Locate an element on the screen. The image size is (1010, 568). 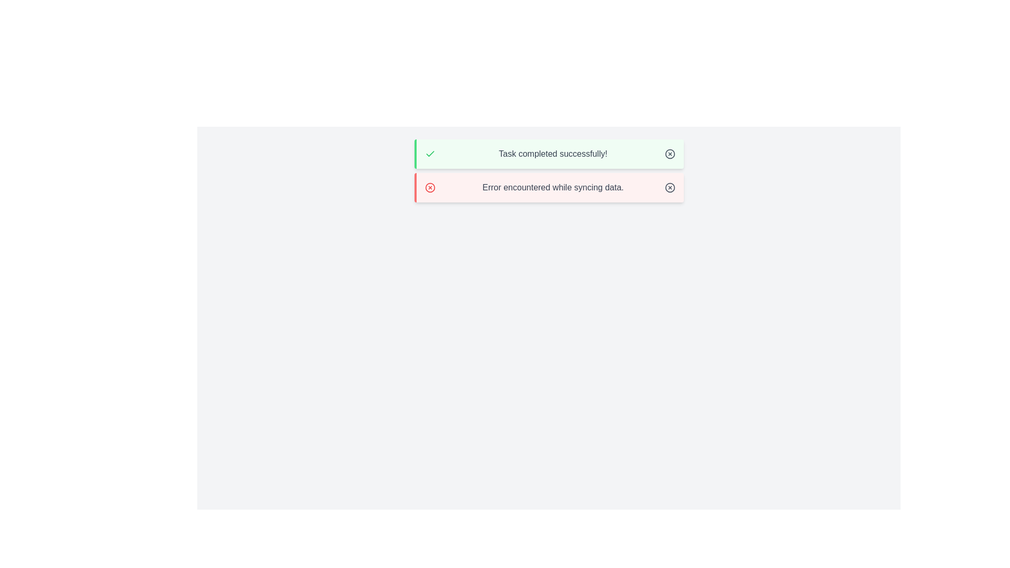
error message from the second notification alert, which has a light red background and a bold red left border, displaying the message 'Error encountered while syncing data.' is located at coordinates (548, 187).